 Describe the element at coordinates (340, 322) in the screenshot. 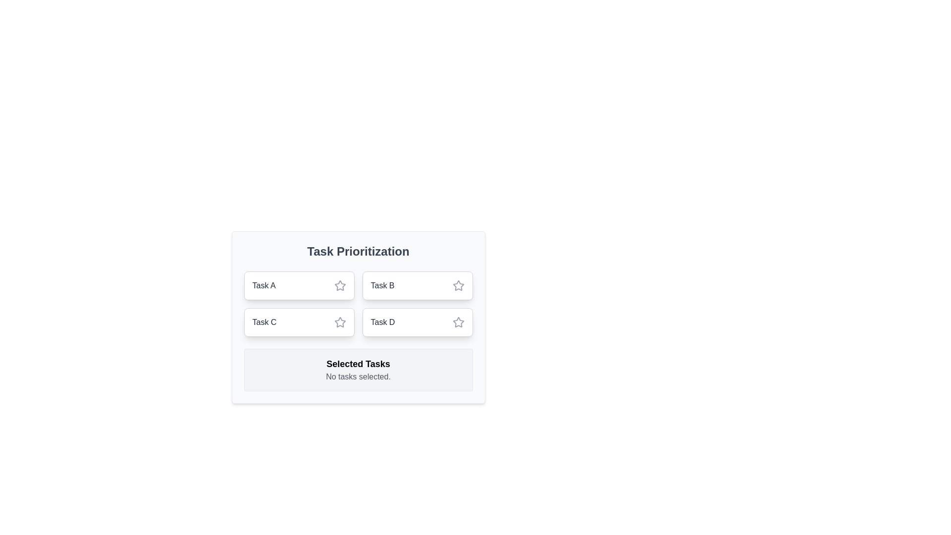

I see `the icon of the task chip for the task Task C` at that location.